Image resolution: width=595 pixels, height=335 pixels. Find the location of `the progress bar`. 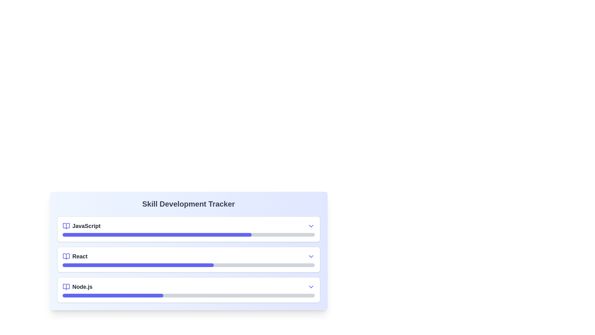

the progress bar is located at coordinates (73, 295).